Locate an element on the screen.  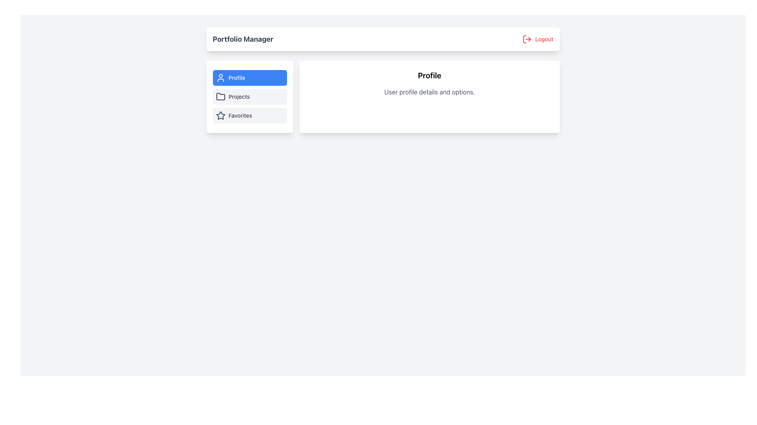
the 'Projects' button located in the sidebar, which is the second item in the vertical list is located at coordinates (249, 96).